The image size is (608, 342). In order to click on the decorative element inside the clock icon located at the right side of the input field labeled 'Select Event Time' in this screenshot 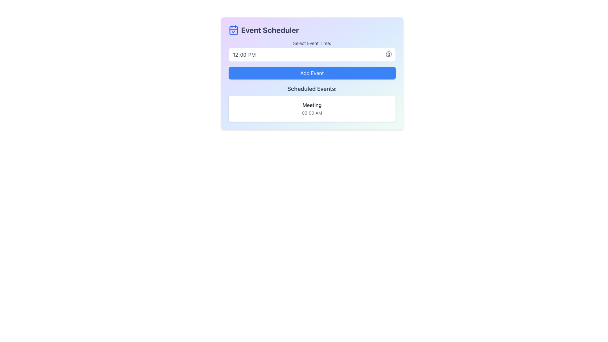, I will do `click(388, 54)`.